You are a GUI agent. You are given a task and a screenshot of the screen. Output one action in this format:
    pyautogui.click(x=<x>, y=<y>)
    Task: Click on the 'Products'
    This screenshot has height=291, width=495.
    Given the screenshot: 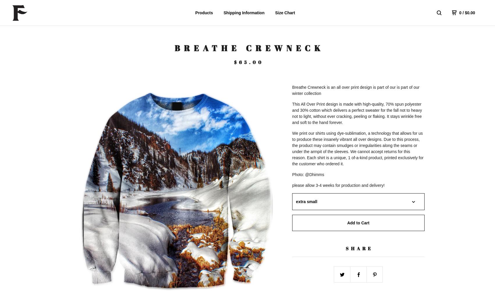 What is the action you would take?
    pyautogui.click(x=203, y=13)
    